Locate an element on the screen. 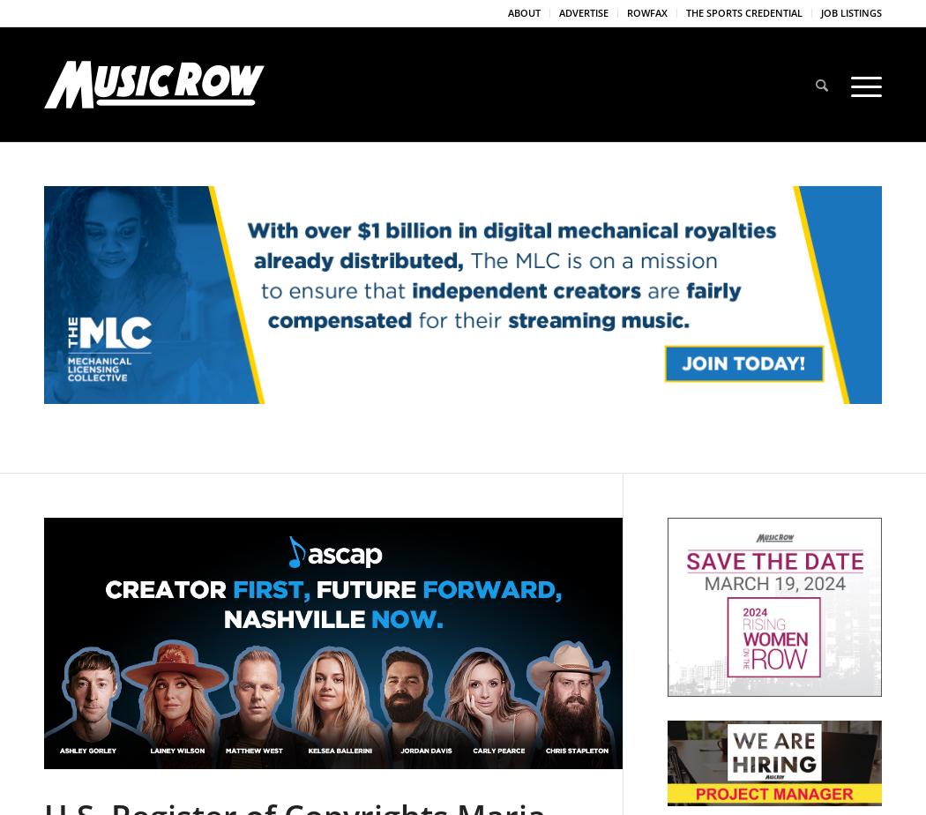 The height and width of the screenshot is (815, 926). 'ADVERTISE' is located at coordinates (583, 12).